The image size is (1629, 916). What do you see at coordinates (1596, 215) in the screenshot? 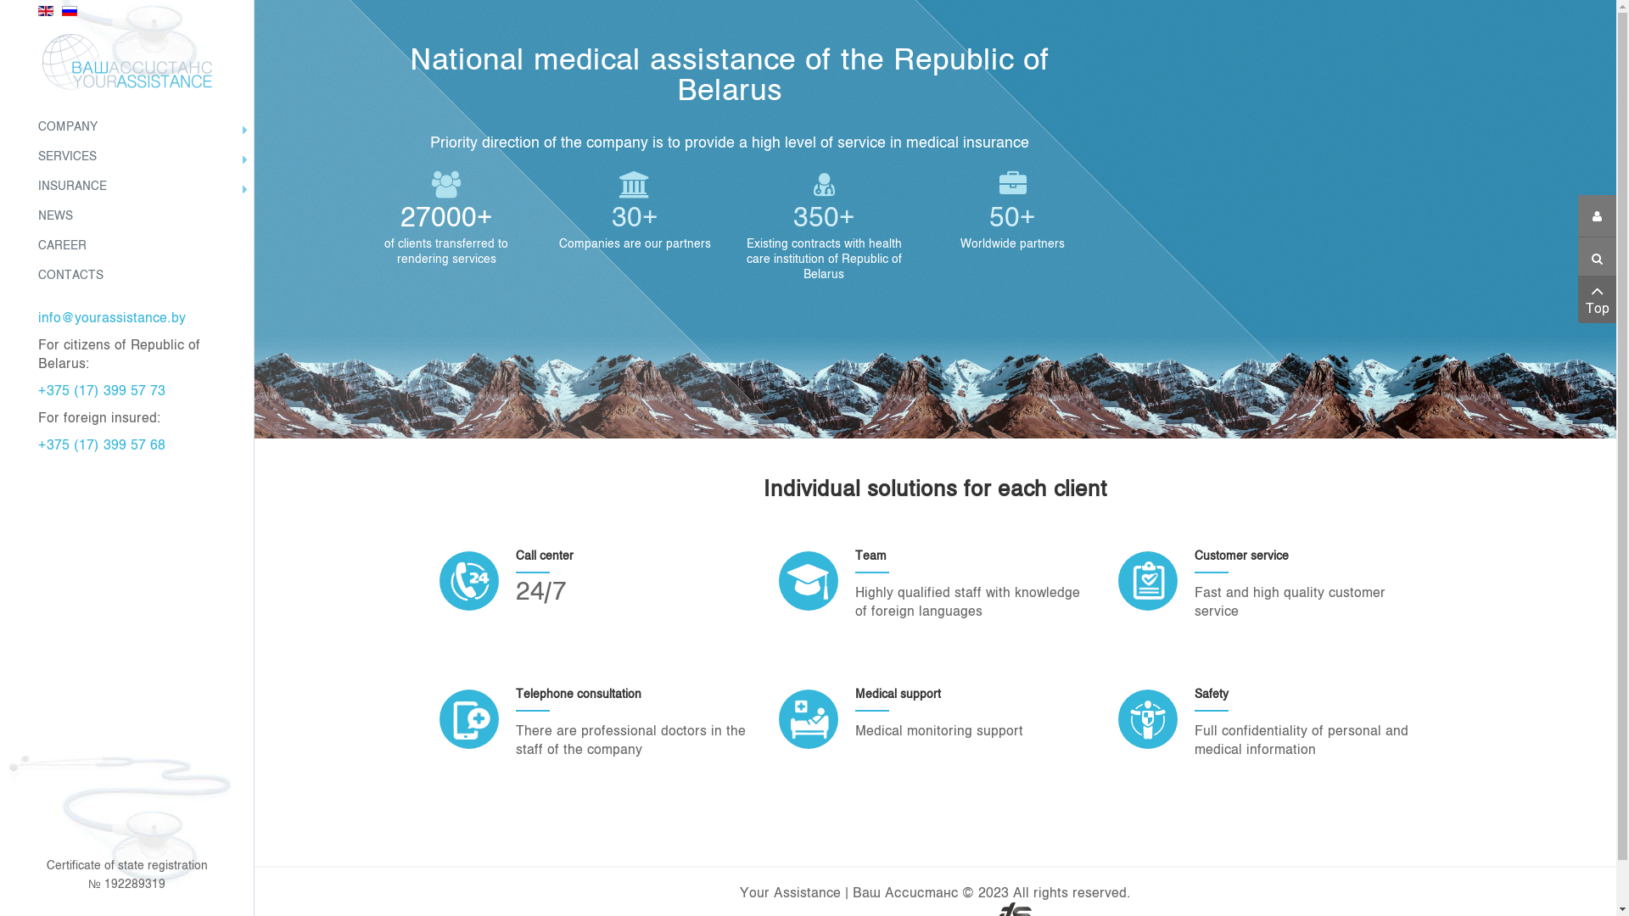
I see `'Login'` at bounding box center [1596, 215].